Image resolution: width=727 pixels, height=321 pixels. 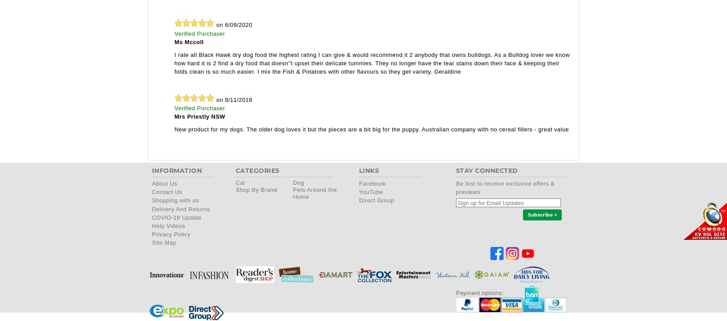 What do you see at coordinates (171, 234) in the screenshot?
I see `'Privacy Policy'` at bounding box center [171, 234].